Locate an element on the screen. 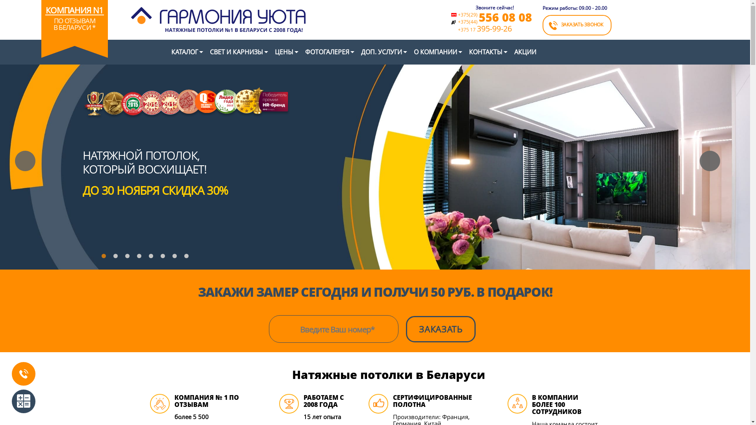 The width and height of the screenshot is (756, 425). 'Previous' is located at coordinates (15, 160).